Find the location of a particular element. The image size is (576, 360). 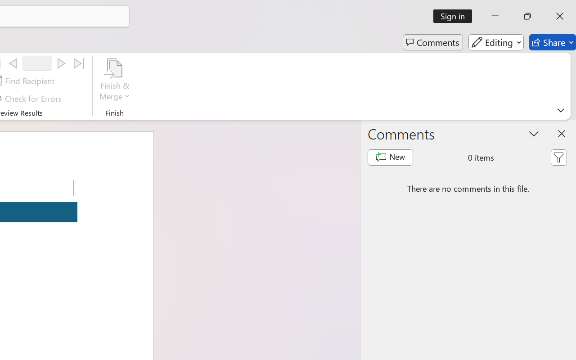

'New comment' is located at coordinates (390, 157).